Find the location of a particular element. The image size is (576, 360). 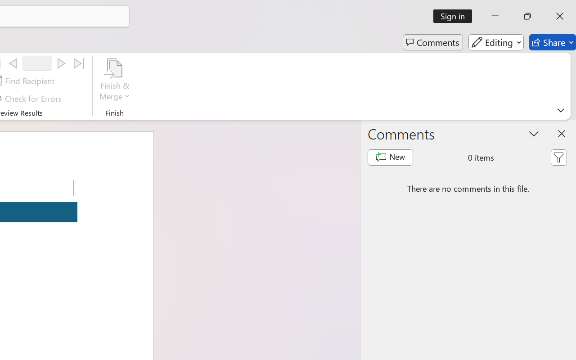

'New comment' is located at coordinates (390, 157).